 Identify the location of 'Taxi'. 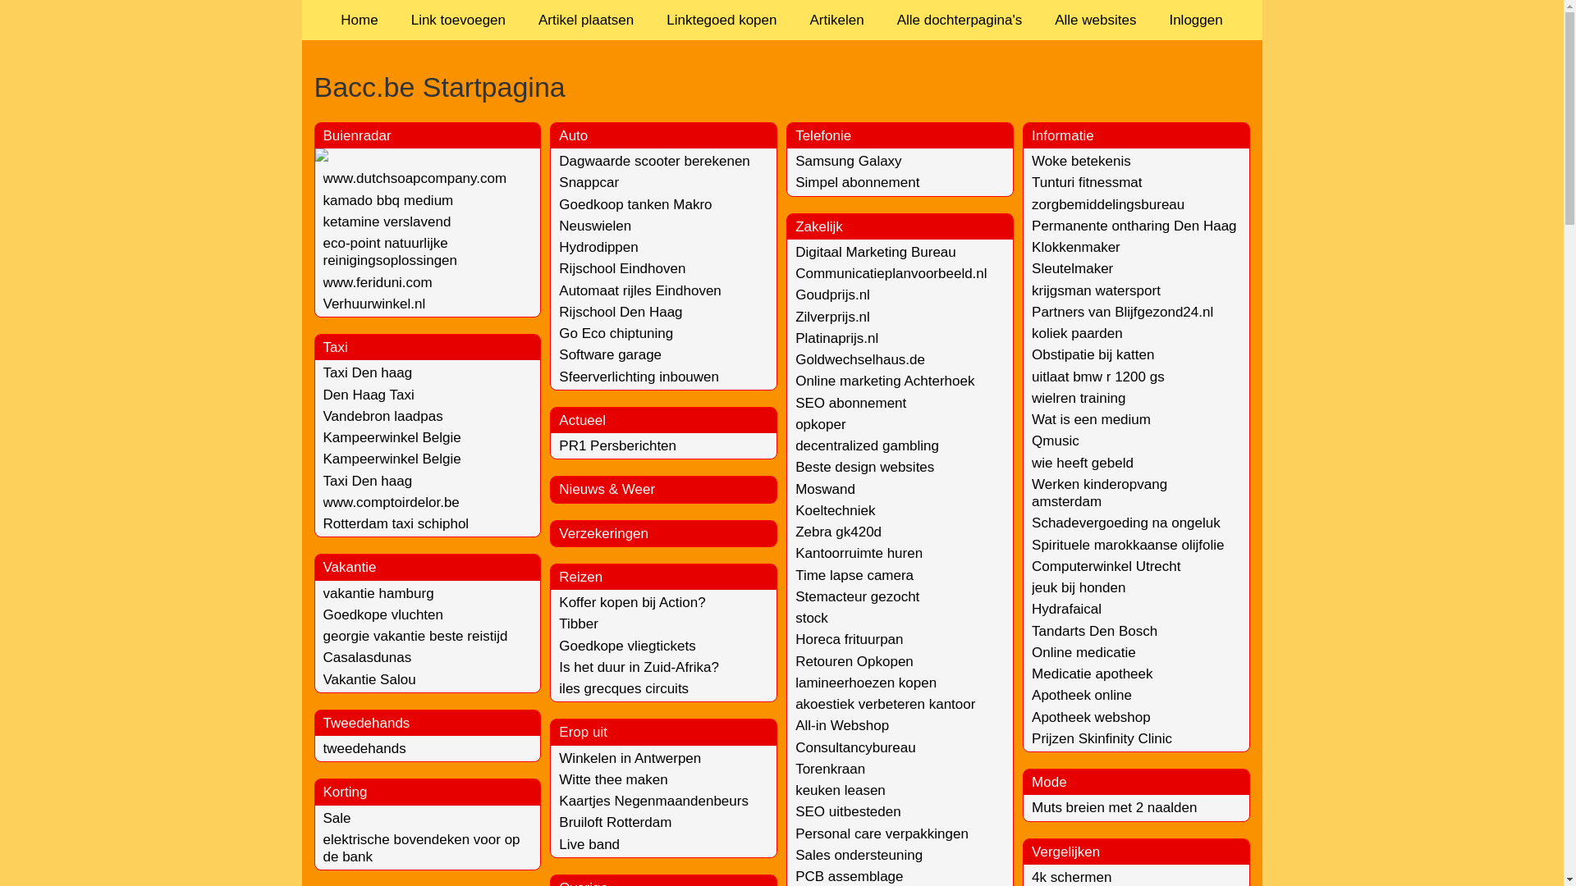
(334, 346).